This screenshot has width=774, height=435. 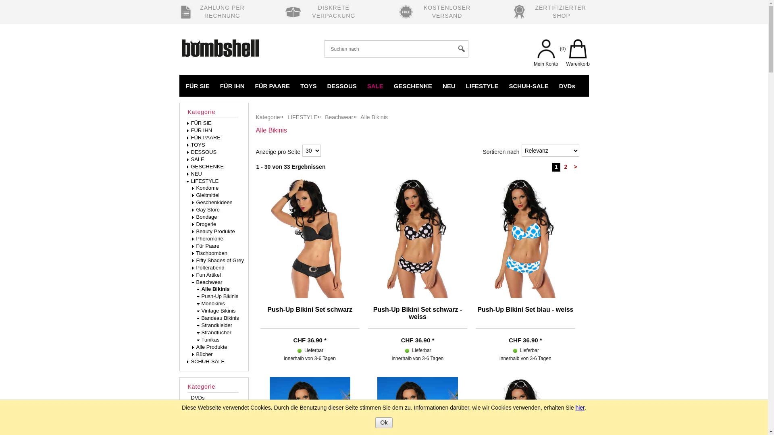 What do you see at coordinates (212, 253) in the screenshot?
I see `' Tischbomben'` at bounding box center [212, 253].